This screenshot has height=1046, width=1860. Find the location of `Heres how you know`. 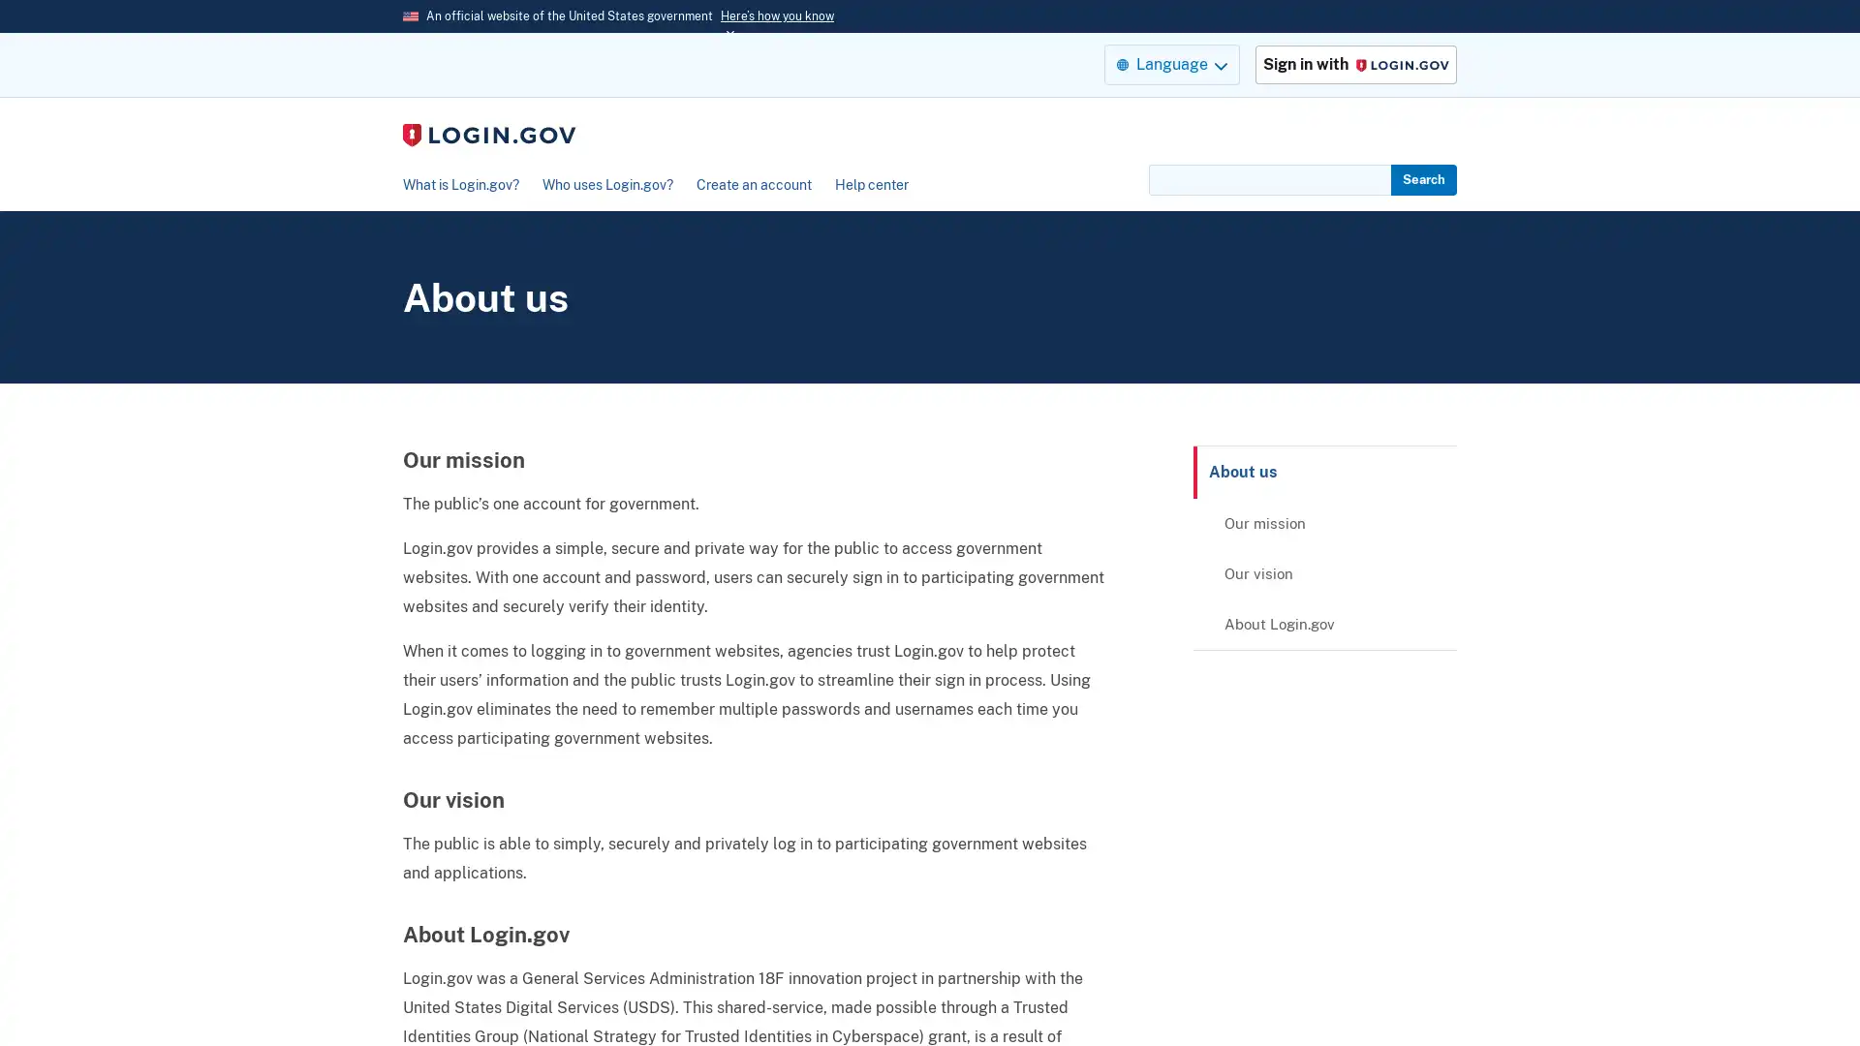

Heres how you know is located at coordinates (777, 15).